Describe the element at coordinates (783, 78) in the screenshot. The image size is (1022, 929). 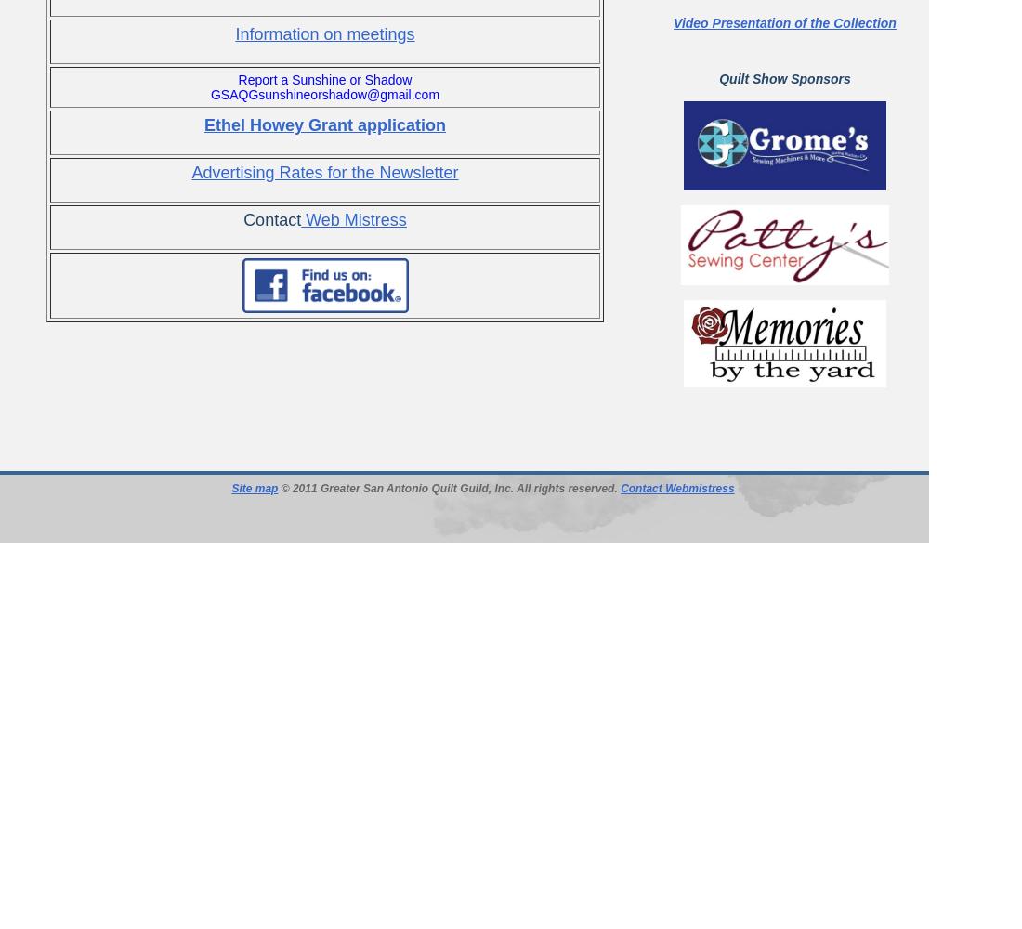
I see `'Quilt Show Sponsors'` at that location.